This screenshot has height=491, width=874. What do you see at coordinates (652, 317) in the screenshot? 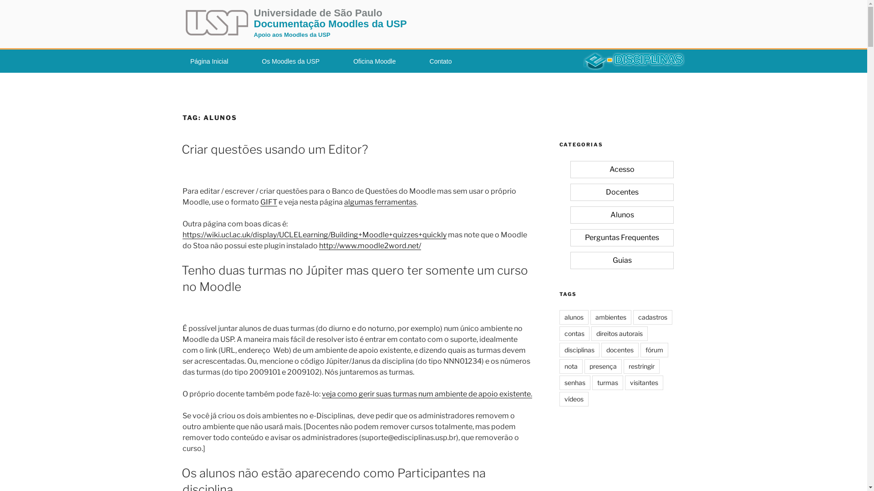
I see `'cadastros'` at bounding box center [652, 317].